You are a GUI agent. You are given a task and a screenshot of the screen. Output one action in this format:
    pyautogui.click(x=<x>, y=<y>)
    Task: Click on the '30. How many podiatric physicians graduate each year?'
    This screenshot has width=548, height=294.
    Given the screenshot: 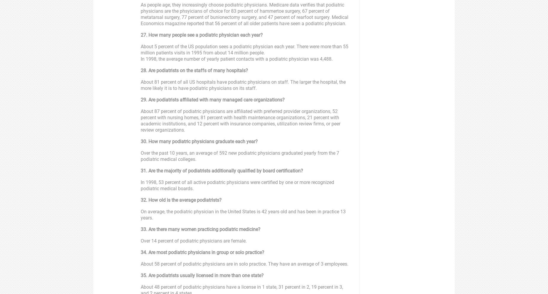 What is the action you would take?
    pyautogui.click(x=199, y=141)
    